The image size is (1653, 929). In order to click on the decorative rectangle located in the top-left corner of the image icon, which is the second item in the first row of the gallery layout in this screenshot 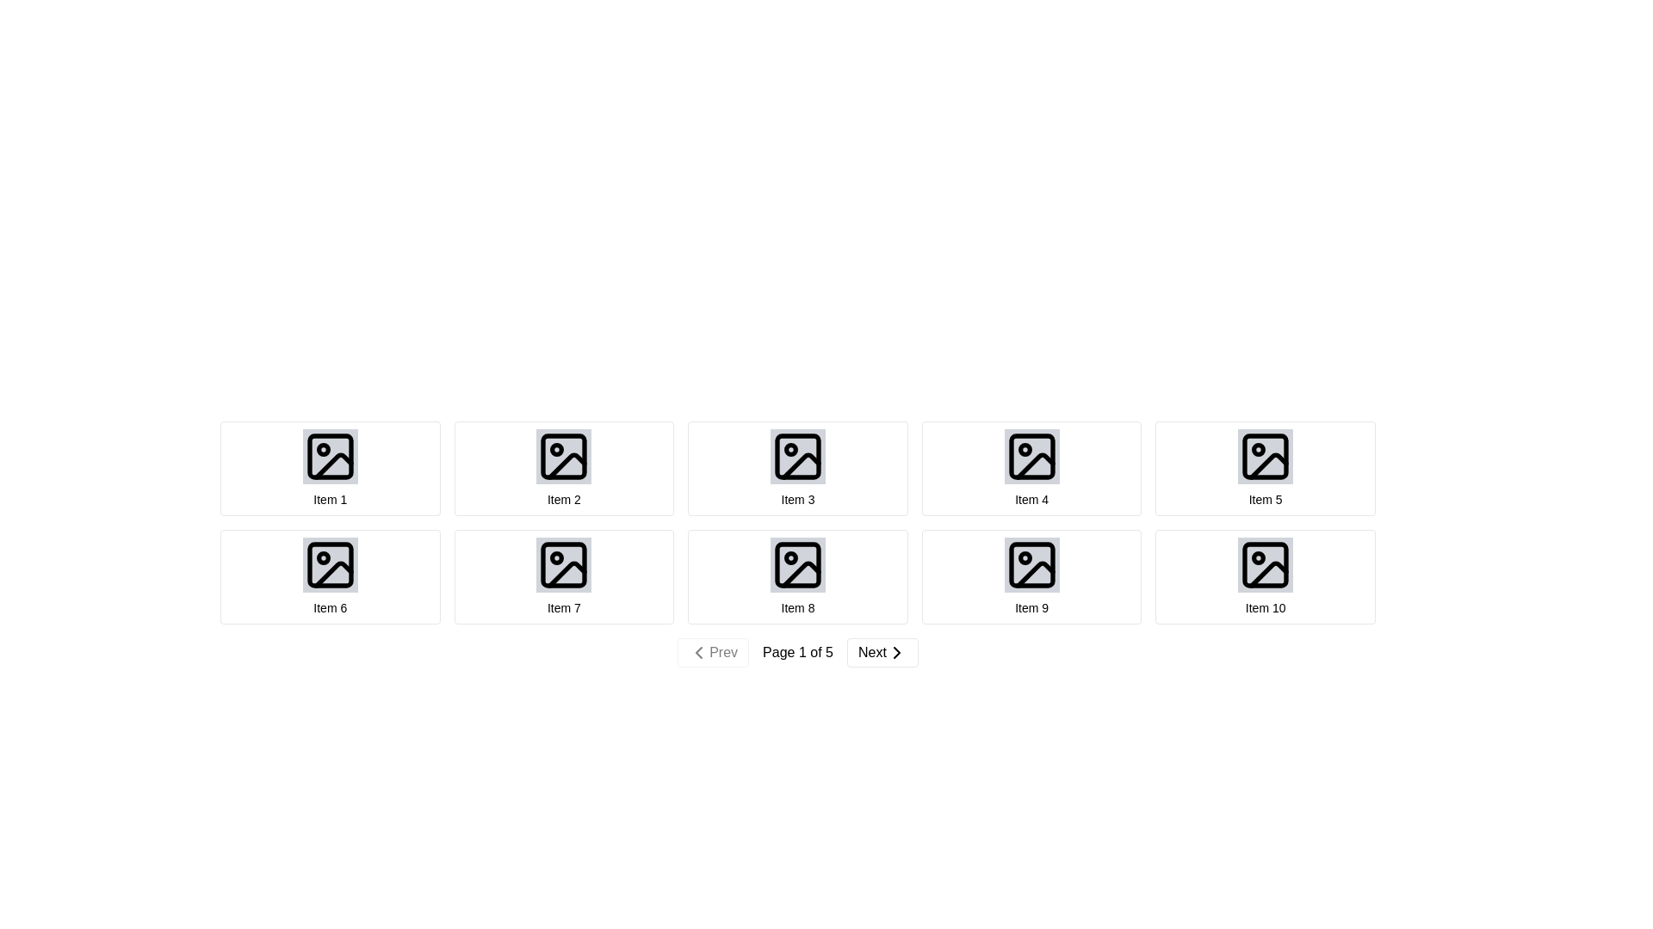, I will do `click(564, 456)`.